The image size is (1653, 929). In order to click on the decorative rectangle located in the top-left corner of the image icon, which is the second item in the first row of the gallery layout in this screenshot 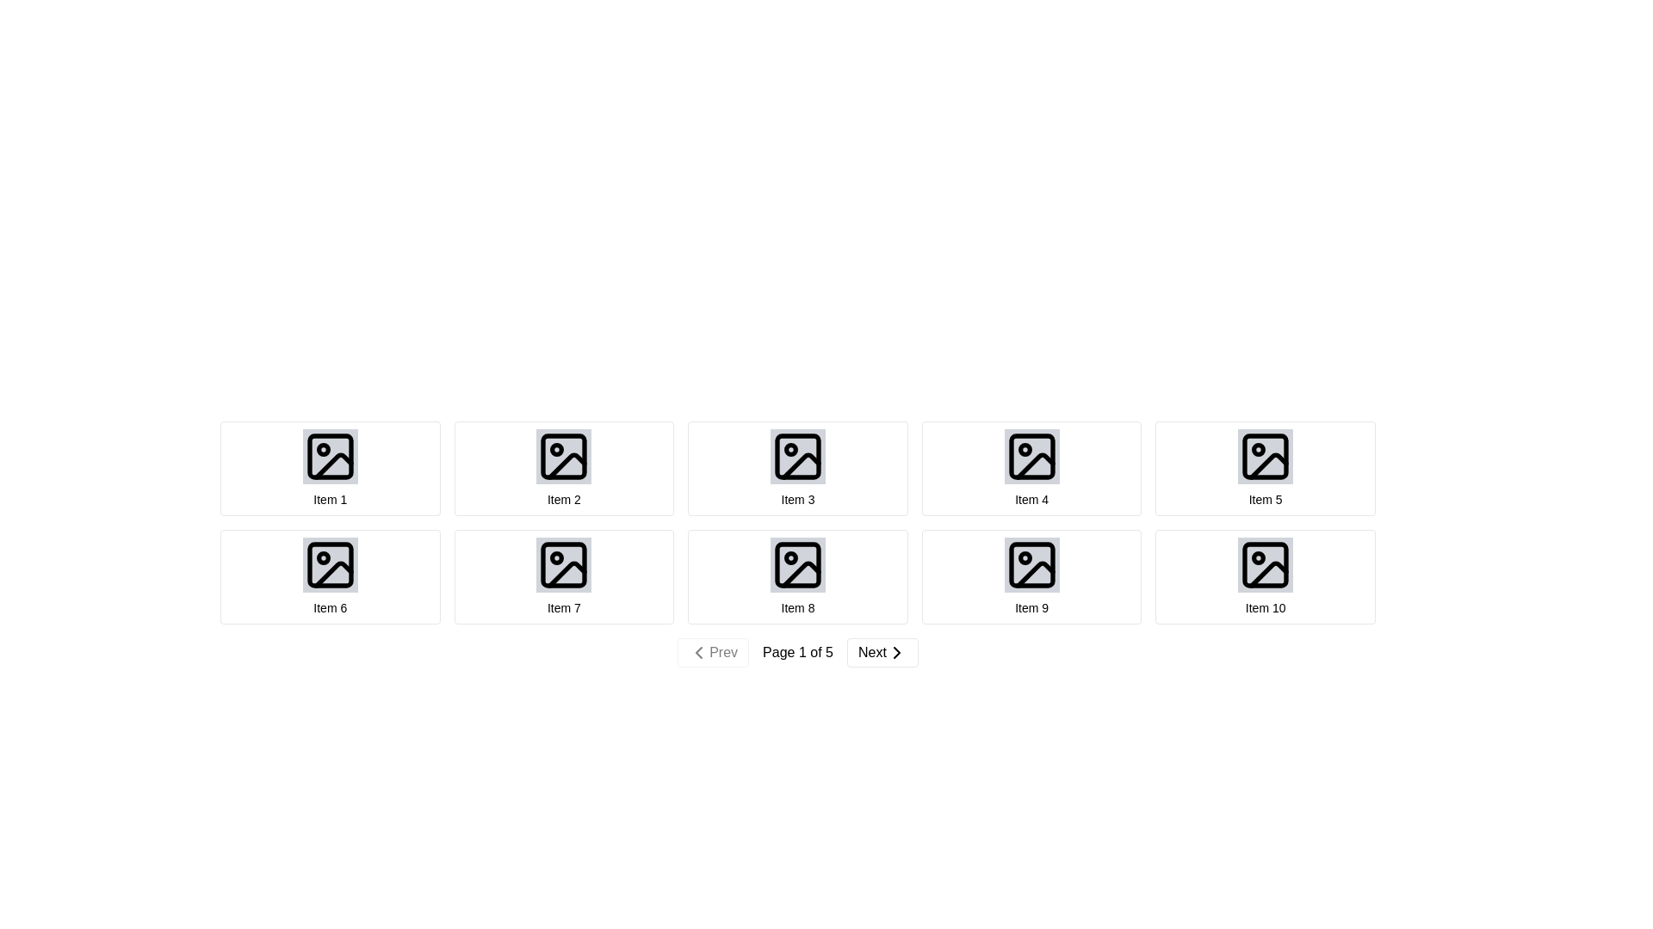, I will do `click(564, 456)`.